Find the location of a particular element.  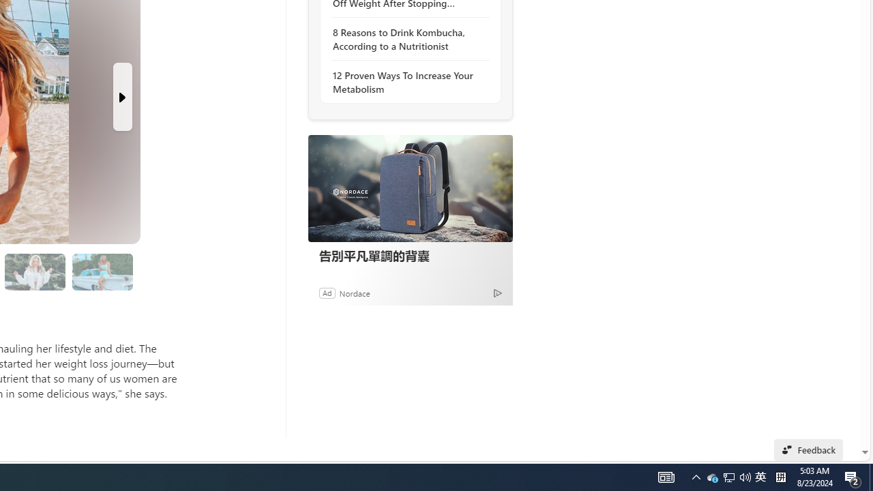

'8 I Stopped Comparing Myself to Others' is located at coordinates (101, 272).